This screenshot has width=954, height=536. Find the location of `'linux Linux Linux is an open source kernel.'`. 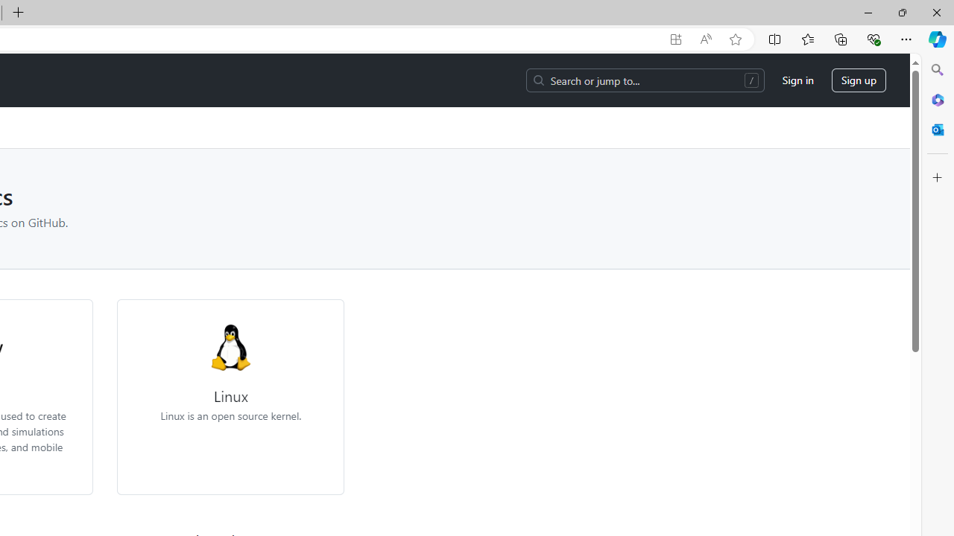

'linux Linux Linux is an open source kernel.' is located at coordinates (230, 372).